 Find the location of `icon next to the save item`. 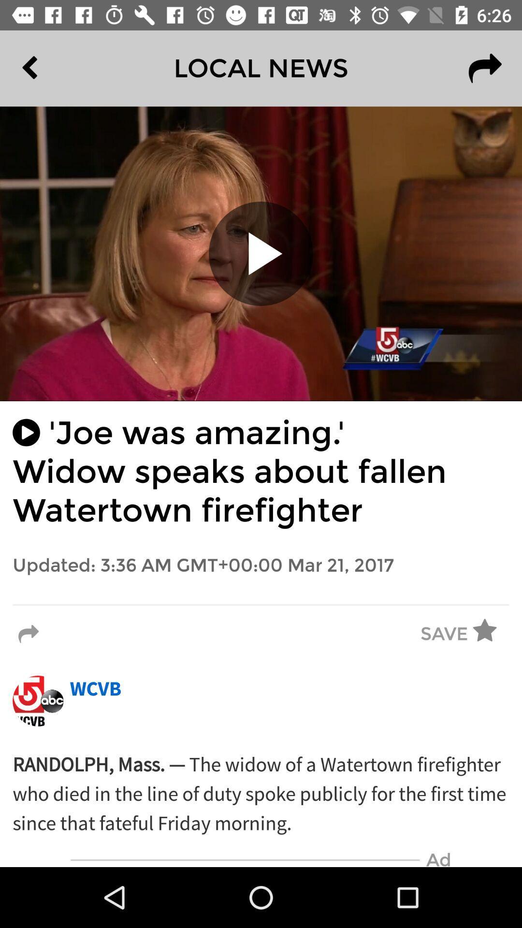

icon next to the save item is located at coordinates (491, 634).